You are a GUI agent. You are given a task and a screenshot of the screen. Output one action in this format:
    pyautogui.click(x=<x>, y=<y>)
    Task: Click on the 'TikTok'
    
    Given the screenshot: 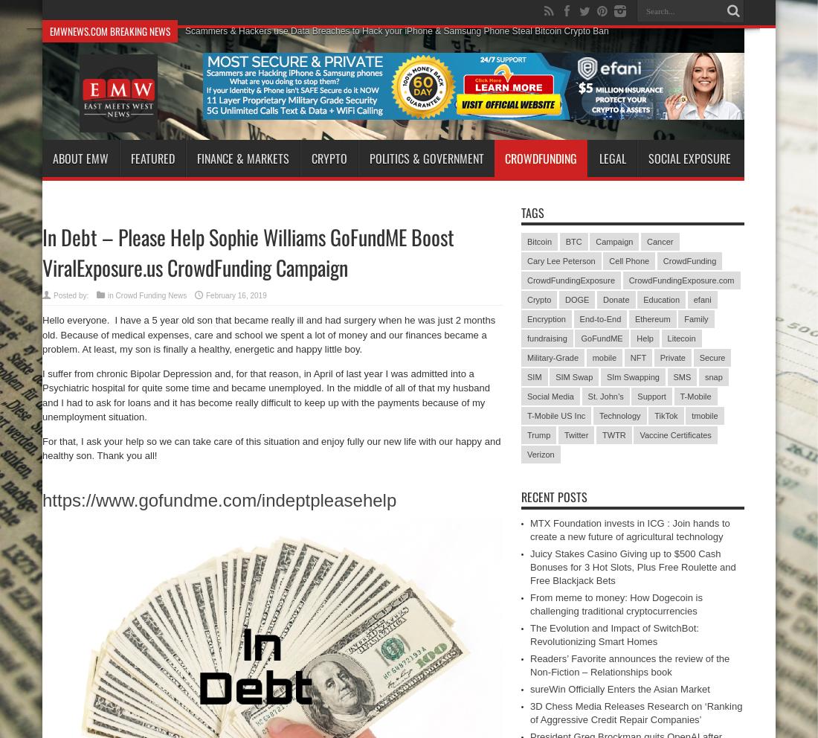 What is the action you would take?
    pyautogui.click(x=666, y=415)
    